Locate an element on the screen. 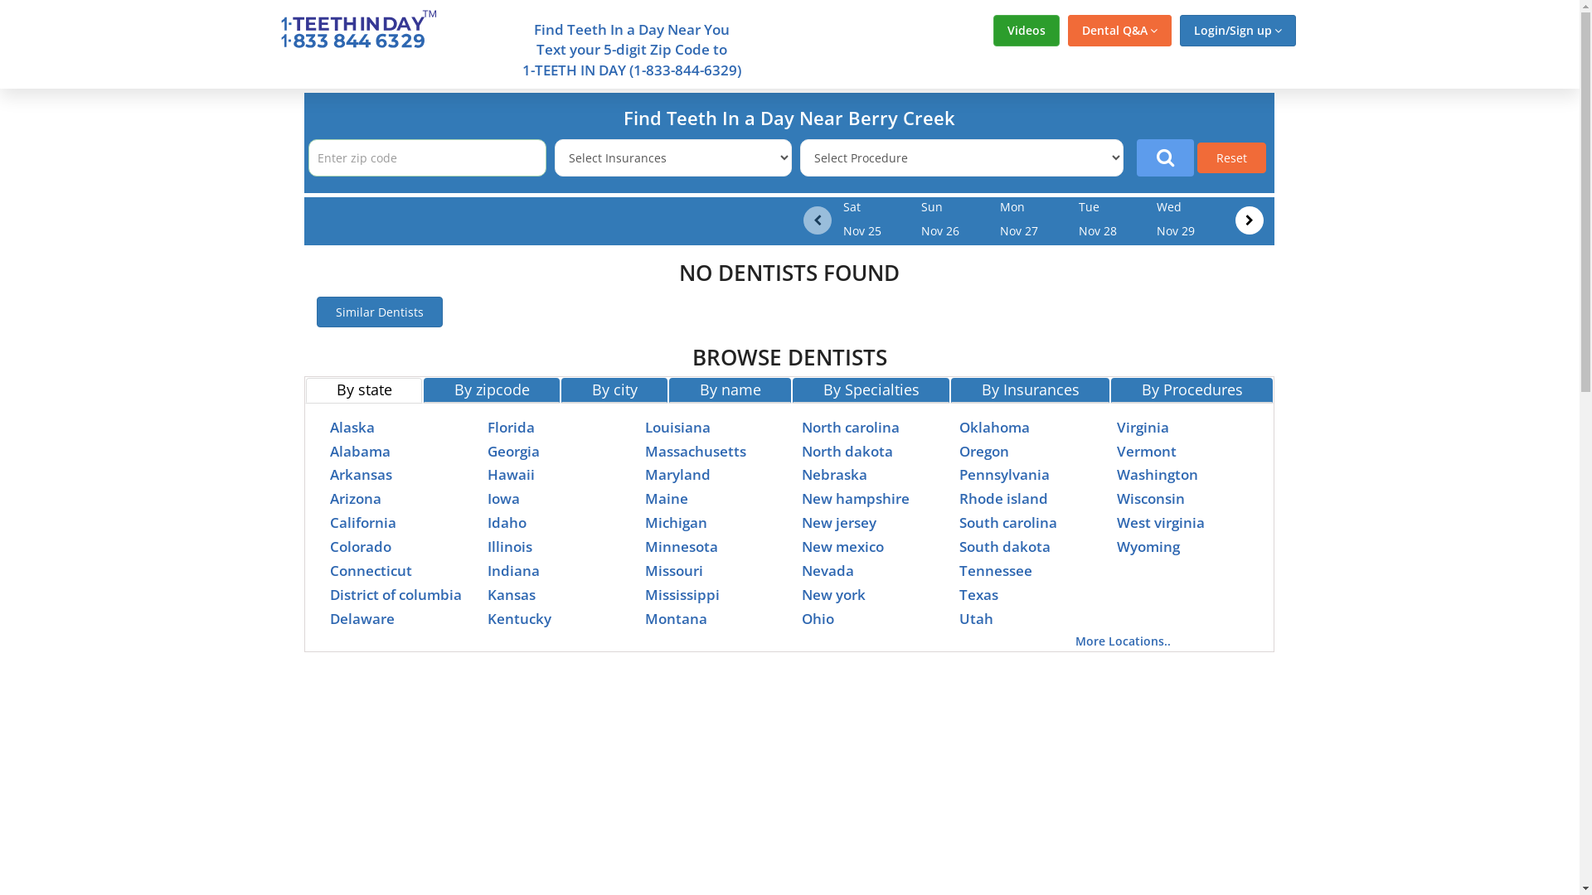 This screenshot has height=895, width=1592. 'Tennessee' is located at coordinates (959, 569).